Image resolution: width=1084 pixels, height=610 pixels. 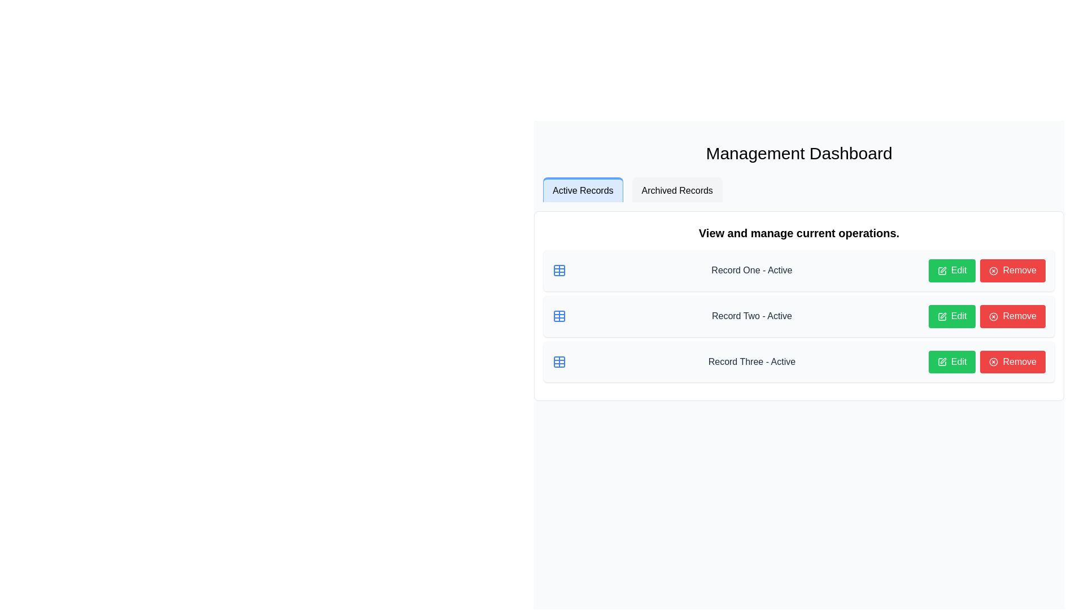 I want to click on the hollow circular icon representing a close or delete action, located within the 'Remove' button in the third row of the management dashboard table, so click(x=994, y=271).